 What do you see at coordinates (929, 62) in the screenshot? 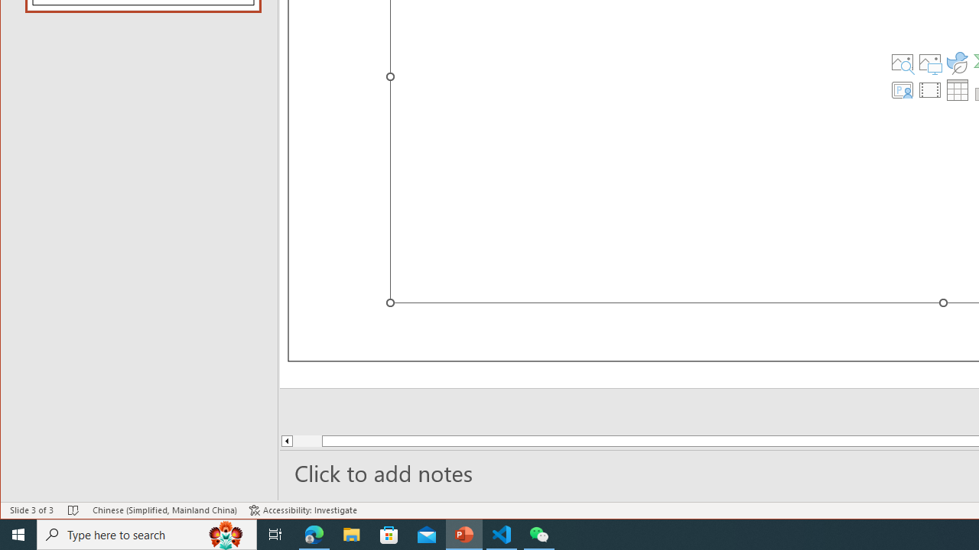
I see `'Pictures'` at bounding box center [929, 62].